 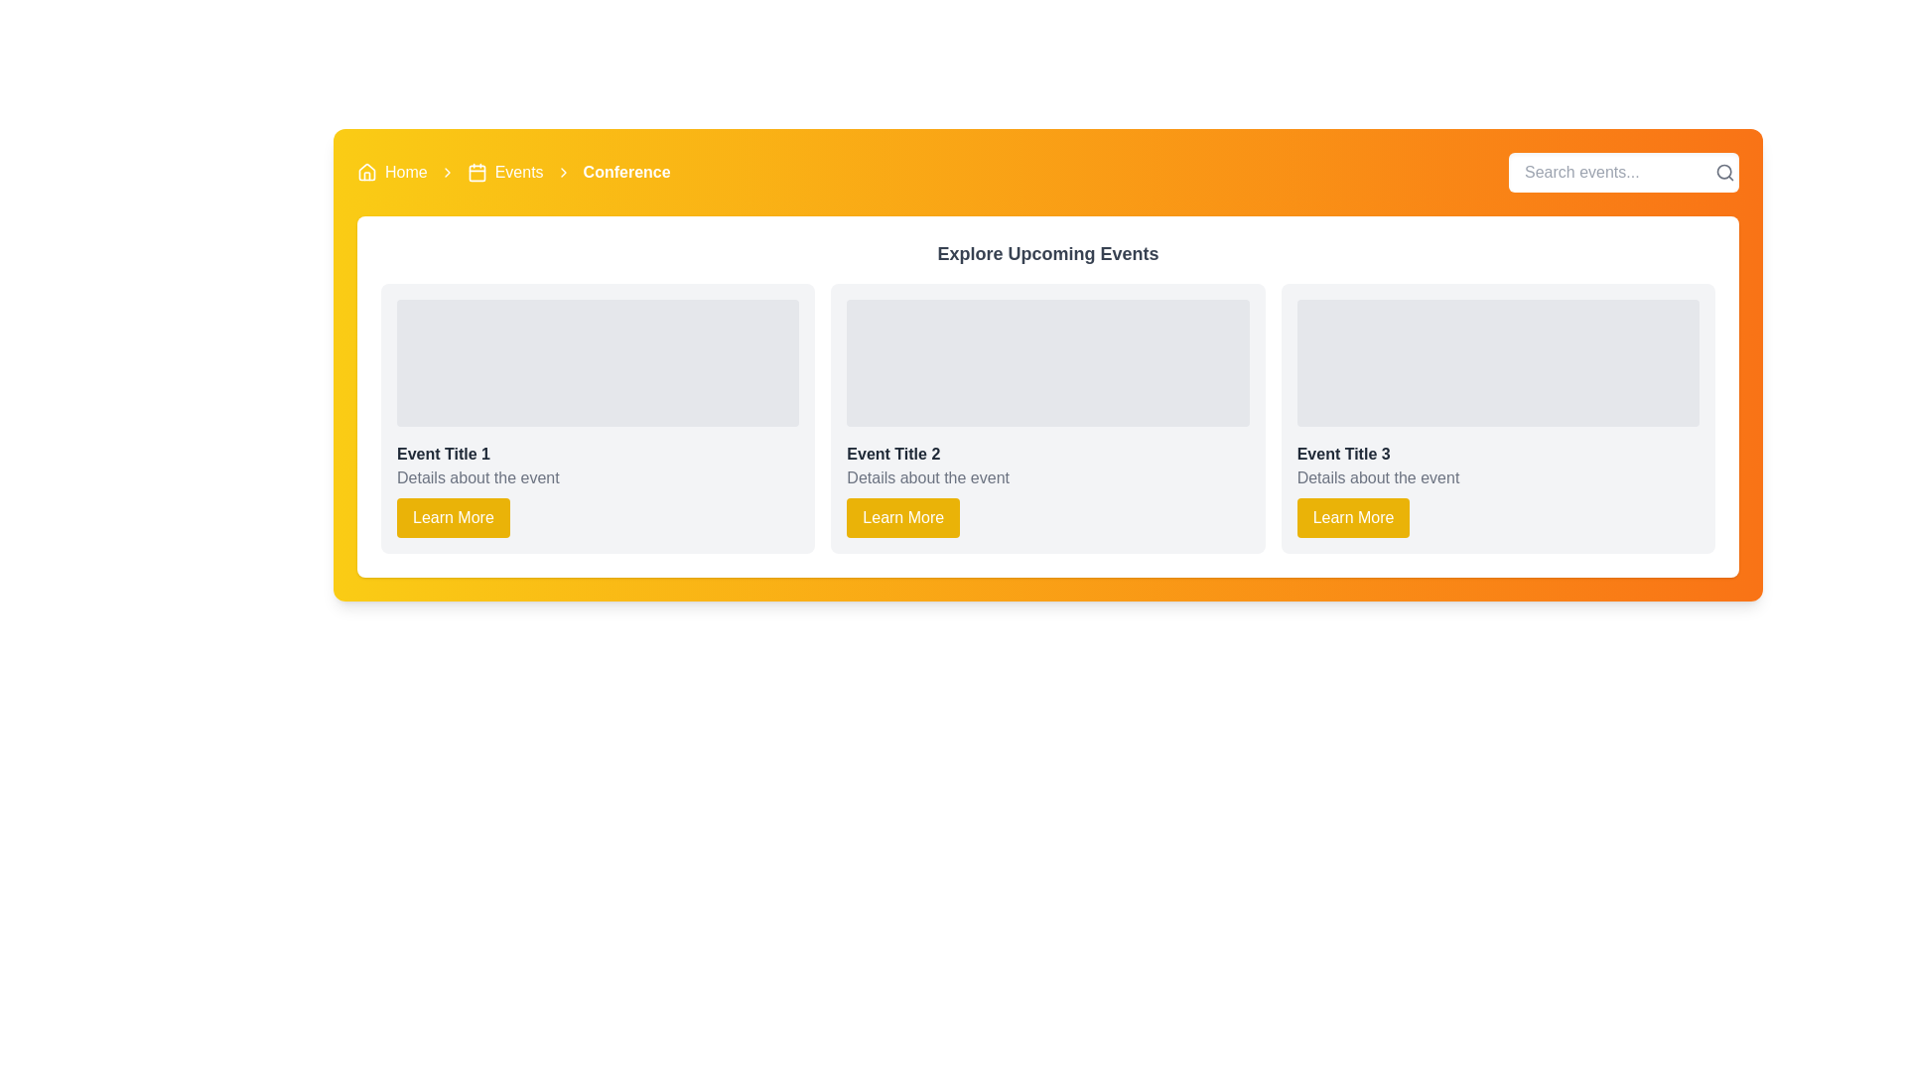 What do you see at coordinates (446, 171) in the screenshot?
I see `the SVG Icon that serves as a visual separator between the 'Home' and 'Events' breadcrumb navigation items` at bounding box center [446, 171].